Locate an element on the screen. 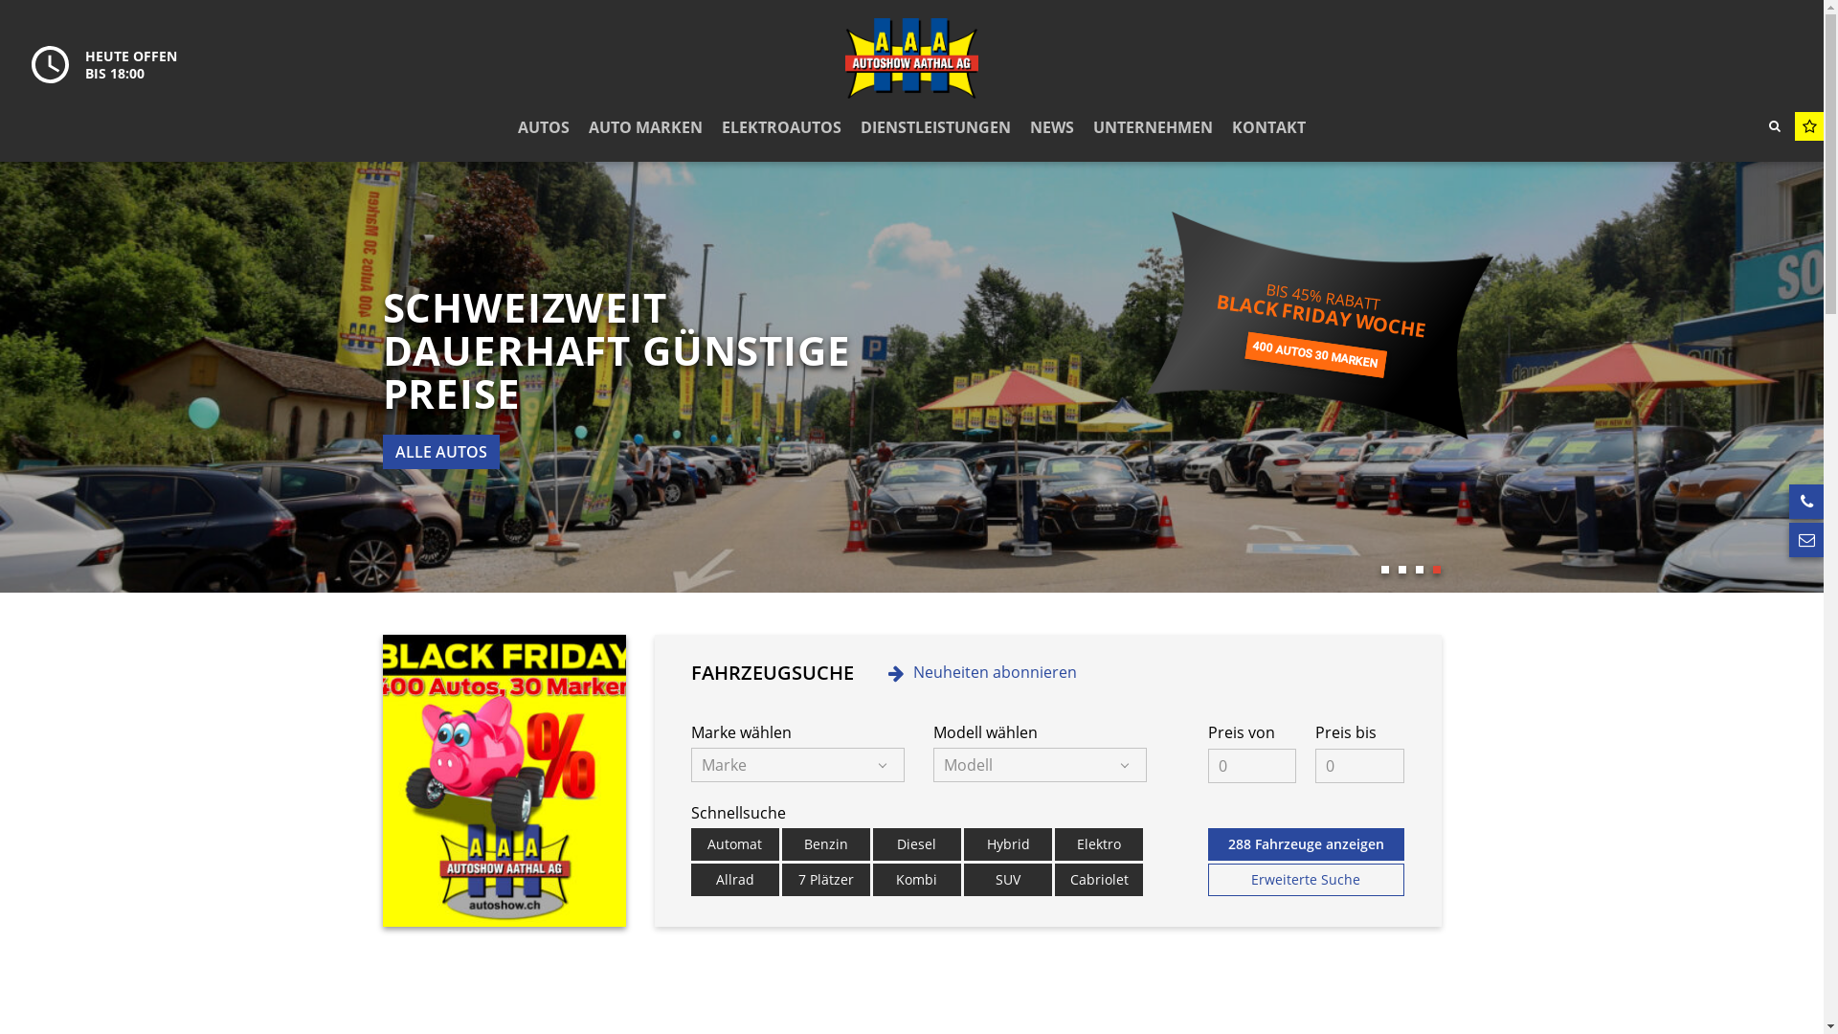 The height and width of the screenshot is (1034, 1838). '3' is located at coordinates (1419, 568).